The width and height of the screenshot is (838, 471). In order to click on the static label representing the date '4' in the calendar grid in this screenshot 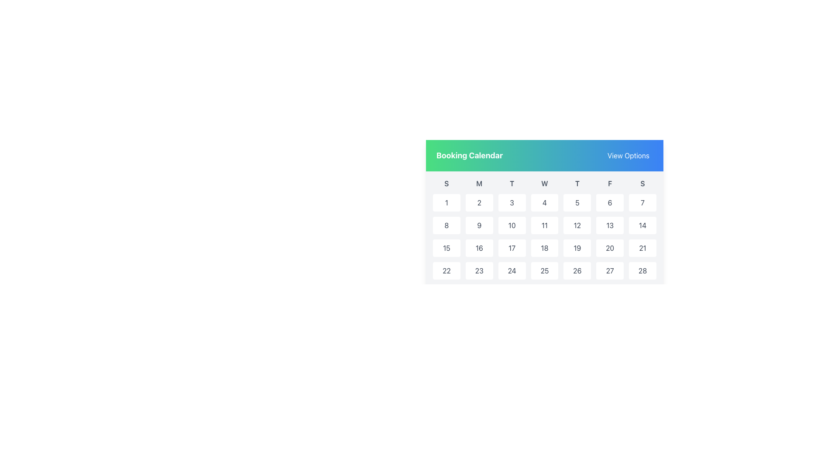, I will do `click(544, 203)`.